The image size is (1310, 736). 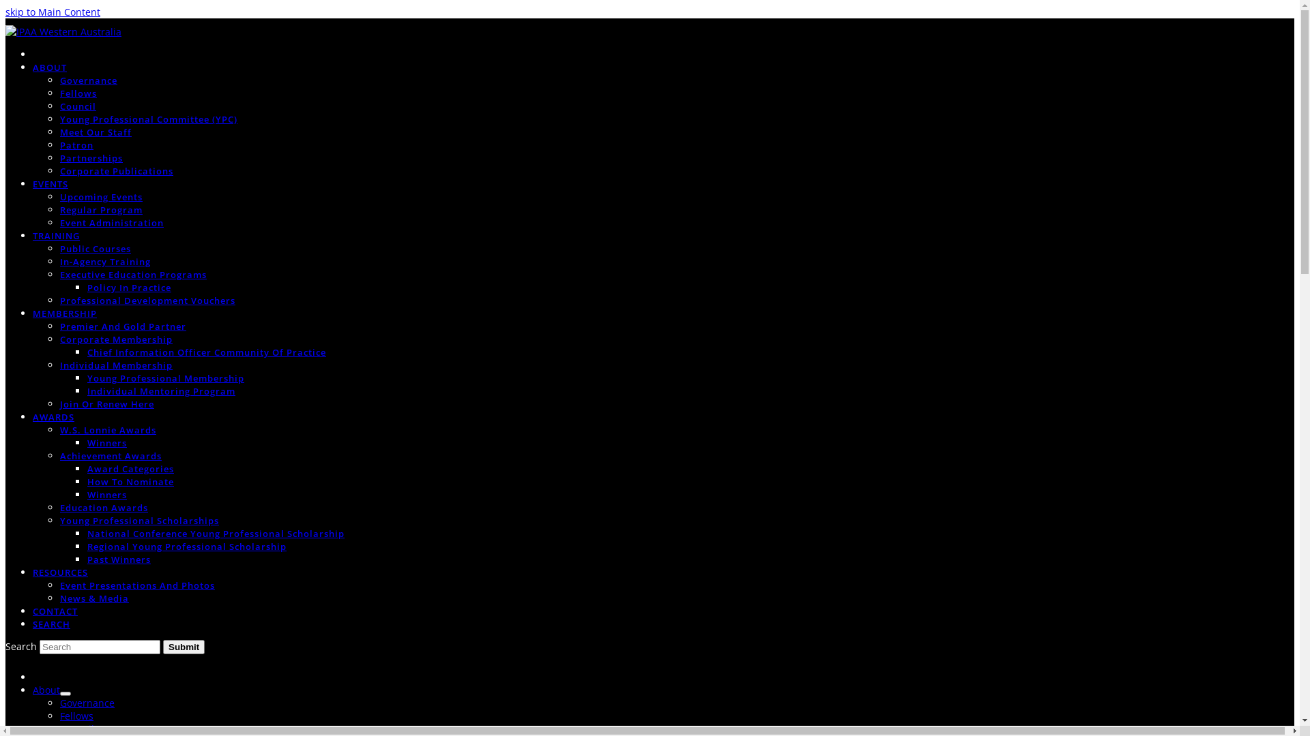 I want to click on 'AWARDS', so click(x=53, y=416).